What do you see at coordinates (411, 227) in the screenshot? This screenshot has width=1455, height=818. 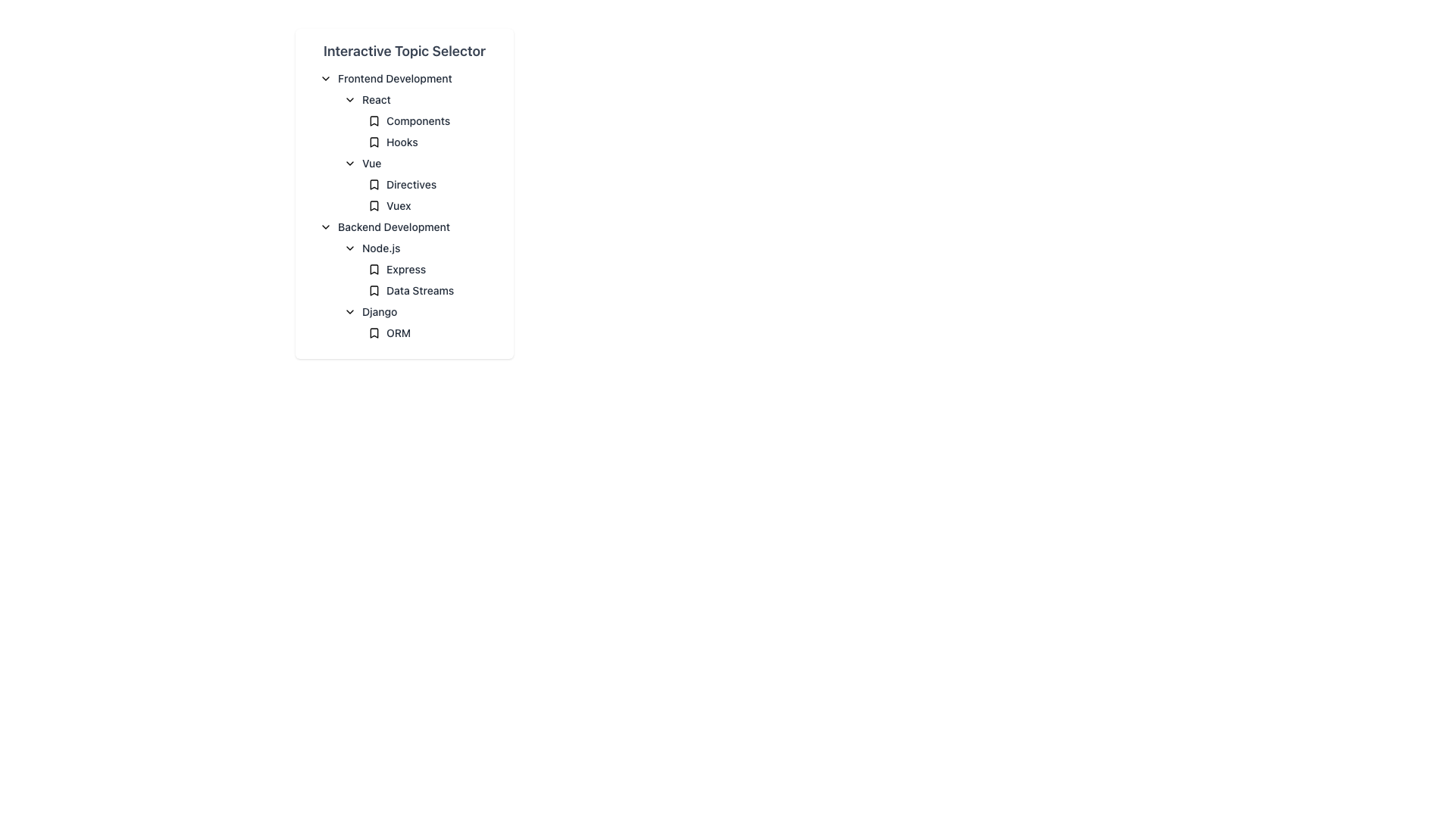 I see `the 'Backend Development' Collapsible Header` at bounding box center [411, 227].